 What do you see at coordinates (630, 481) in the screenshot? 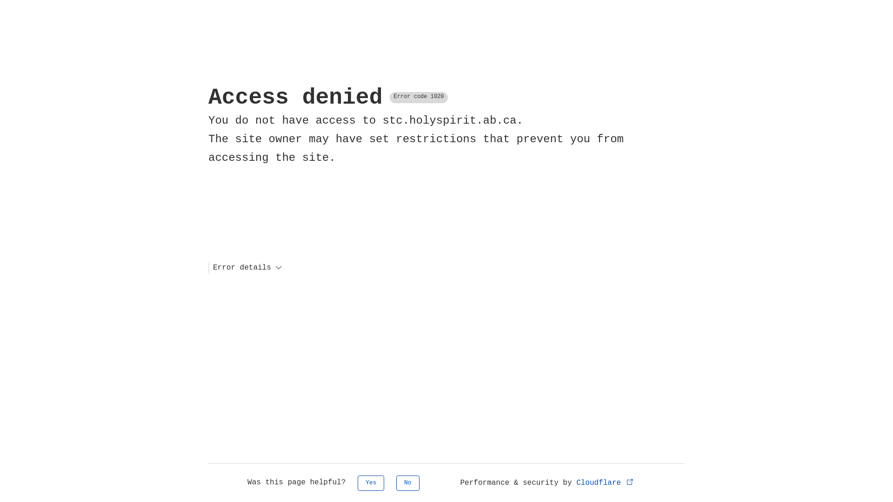
I see `'Opens in new tab'` at bounding box center [630, 481].